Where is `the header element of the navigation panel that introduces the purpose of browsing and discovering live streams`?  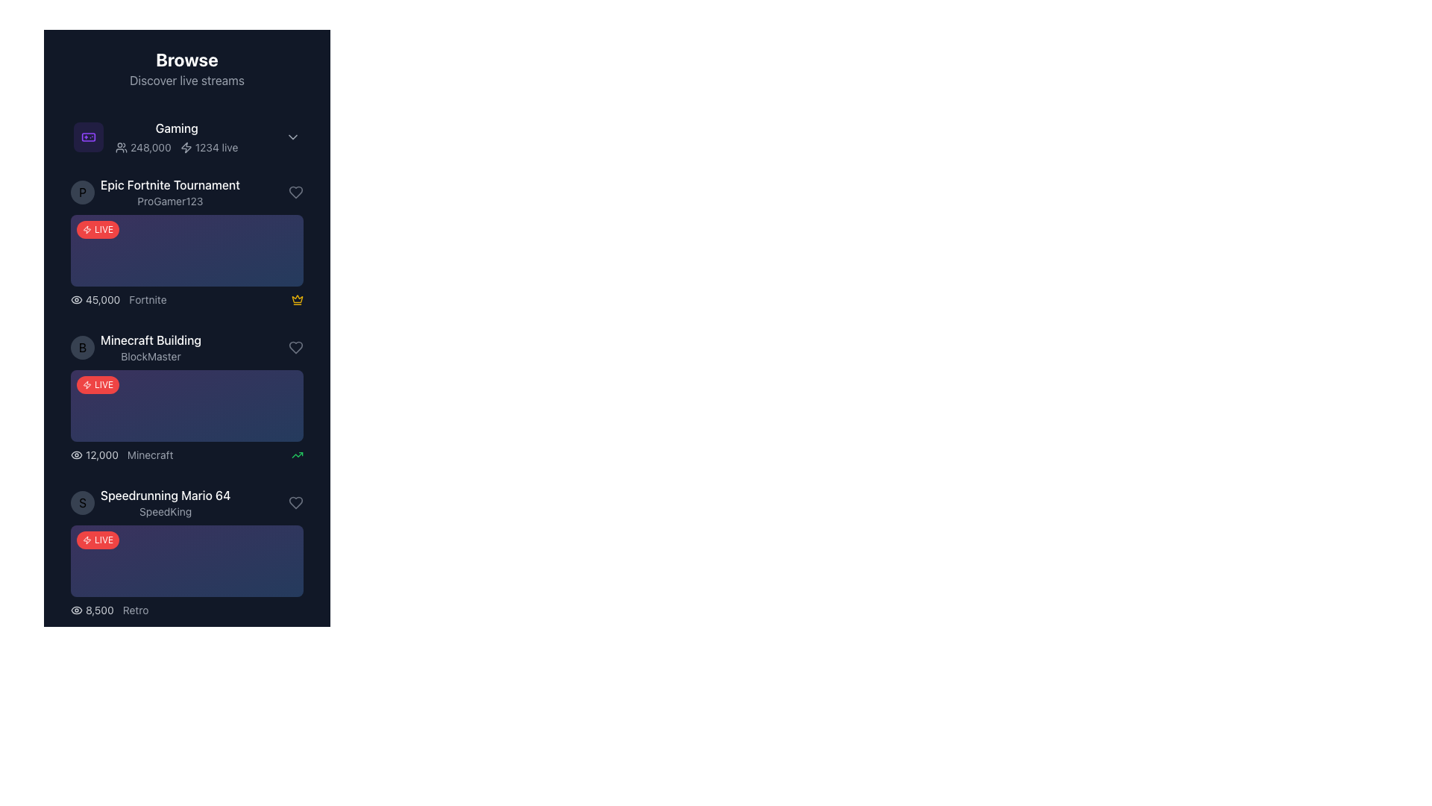
the header element of the navigation panel that introduces the purpose of browsing and discovering live streams is located at coordinates (186, 69).